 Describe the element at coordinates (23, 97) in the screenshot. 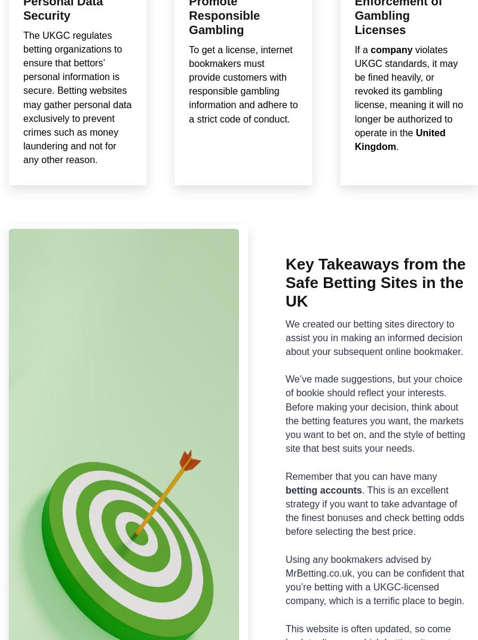

I see `'The UKGC regulates betting organizations to ensure that bettors’ personal information is secure. Betting websites may gather personal data exclusively to prevent crimes such as money laundering and not for any other reason.'` at that location.